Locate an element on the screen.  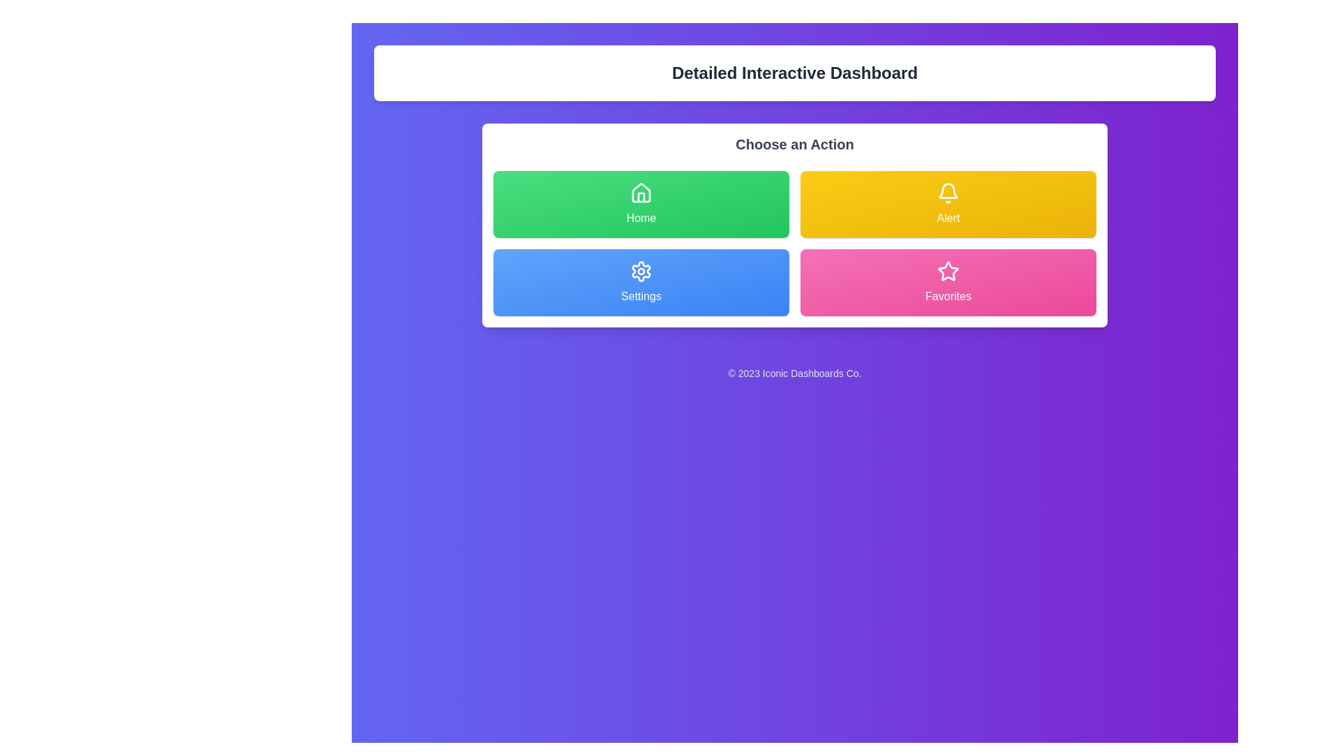
the alert button located in the second column of the action grid under 'Choose an Action' is located at coordinates (948, 205).